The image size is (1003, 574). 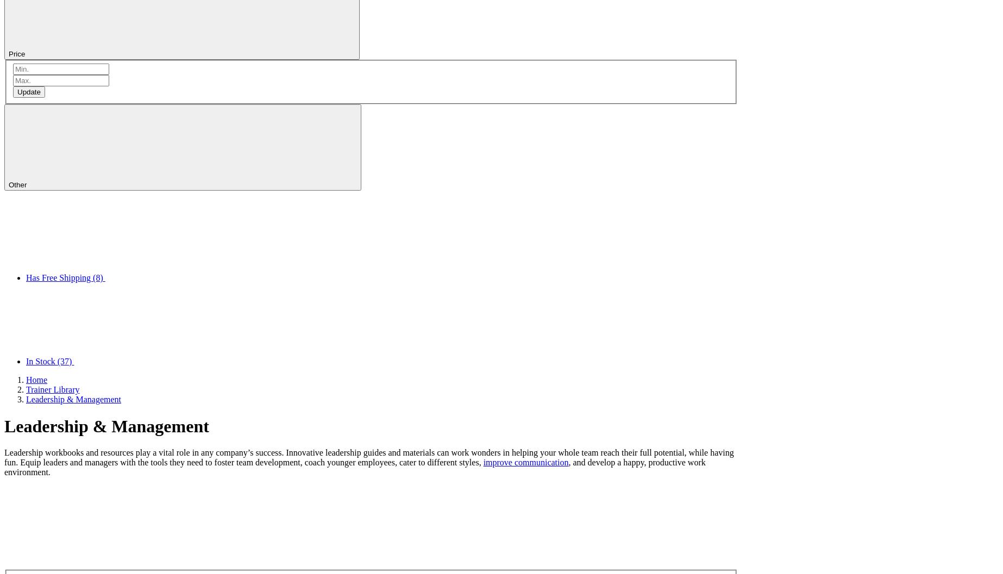 I want to click on 'In Stock', so click(x=26, y=361).